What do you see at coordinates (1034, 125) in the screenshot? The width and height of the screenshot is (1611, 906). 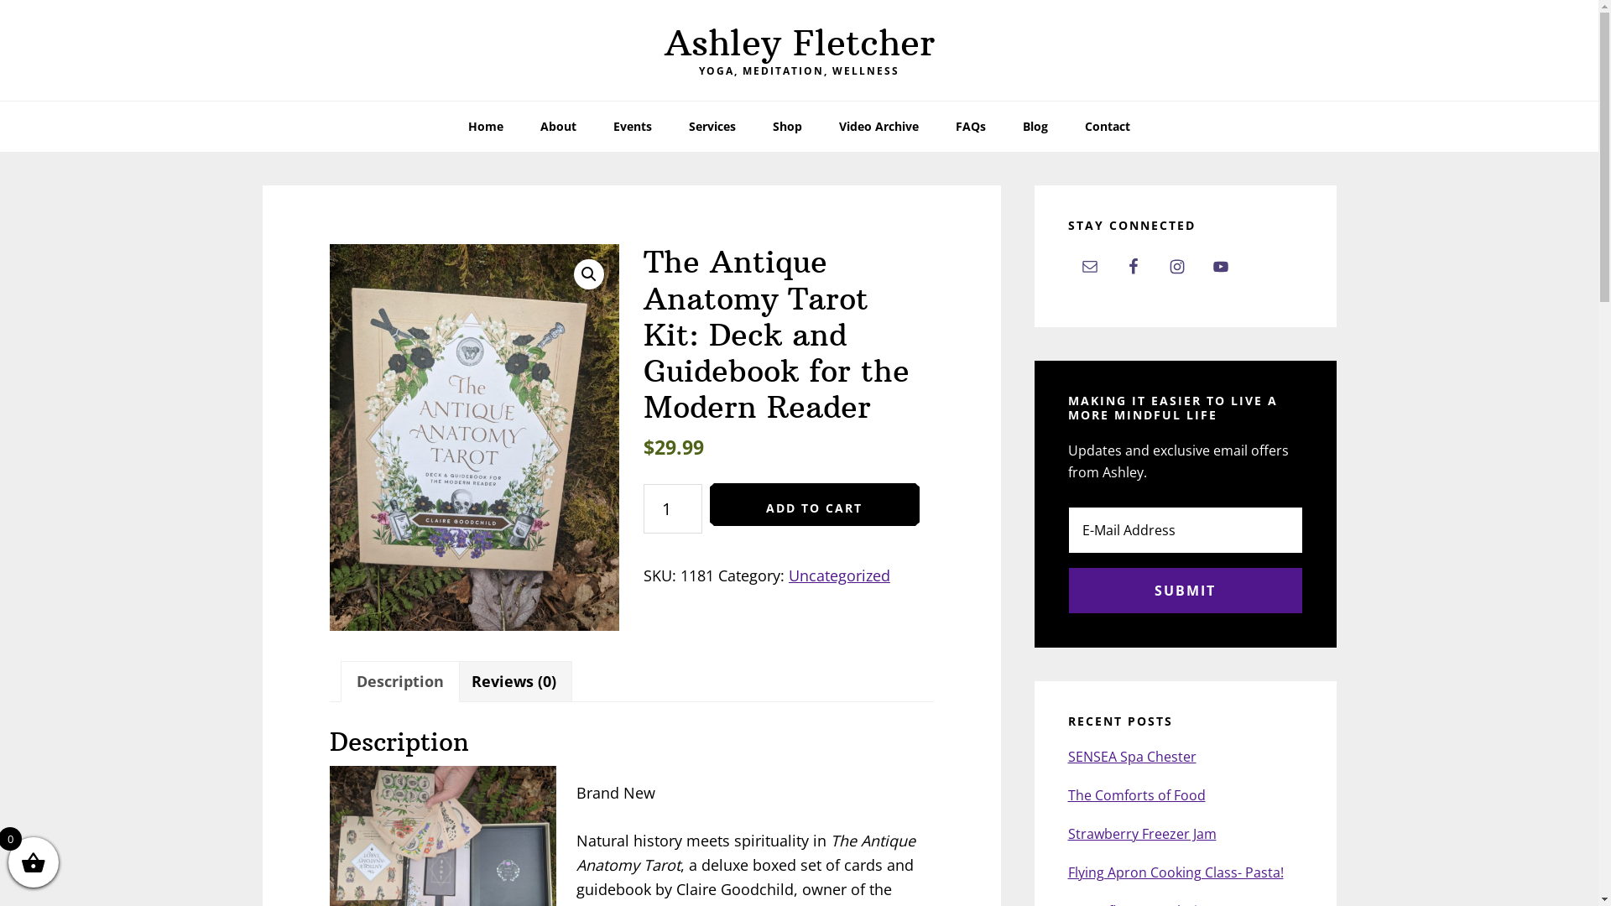 I see `'Blog'` at bounding box center [1034, 125].